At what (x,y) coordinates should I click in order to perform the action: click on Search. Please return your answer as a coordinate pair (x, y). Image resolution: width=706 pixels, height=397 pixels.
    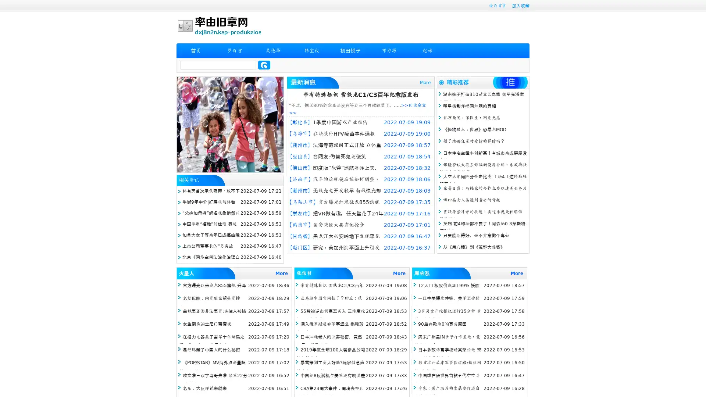
    Looking at the image, I should click on (264, 65).